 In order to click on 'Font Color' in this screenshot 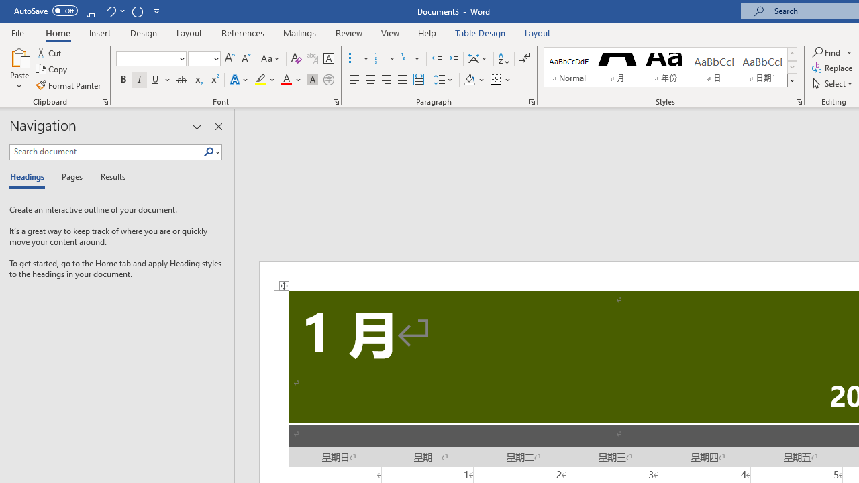, I will do `click(291, 80)`.